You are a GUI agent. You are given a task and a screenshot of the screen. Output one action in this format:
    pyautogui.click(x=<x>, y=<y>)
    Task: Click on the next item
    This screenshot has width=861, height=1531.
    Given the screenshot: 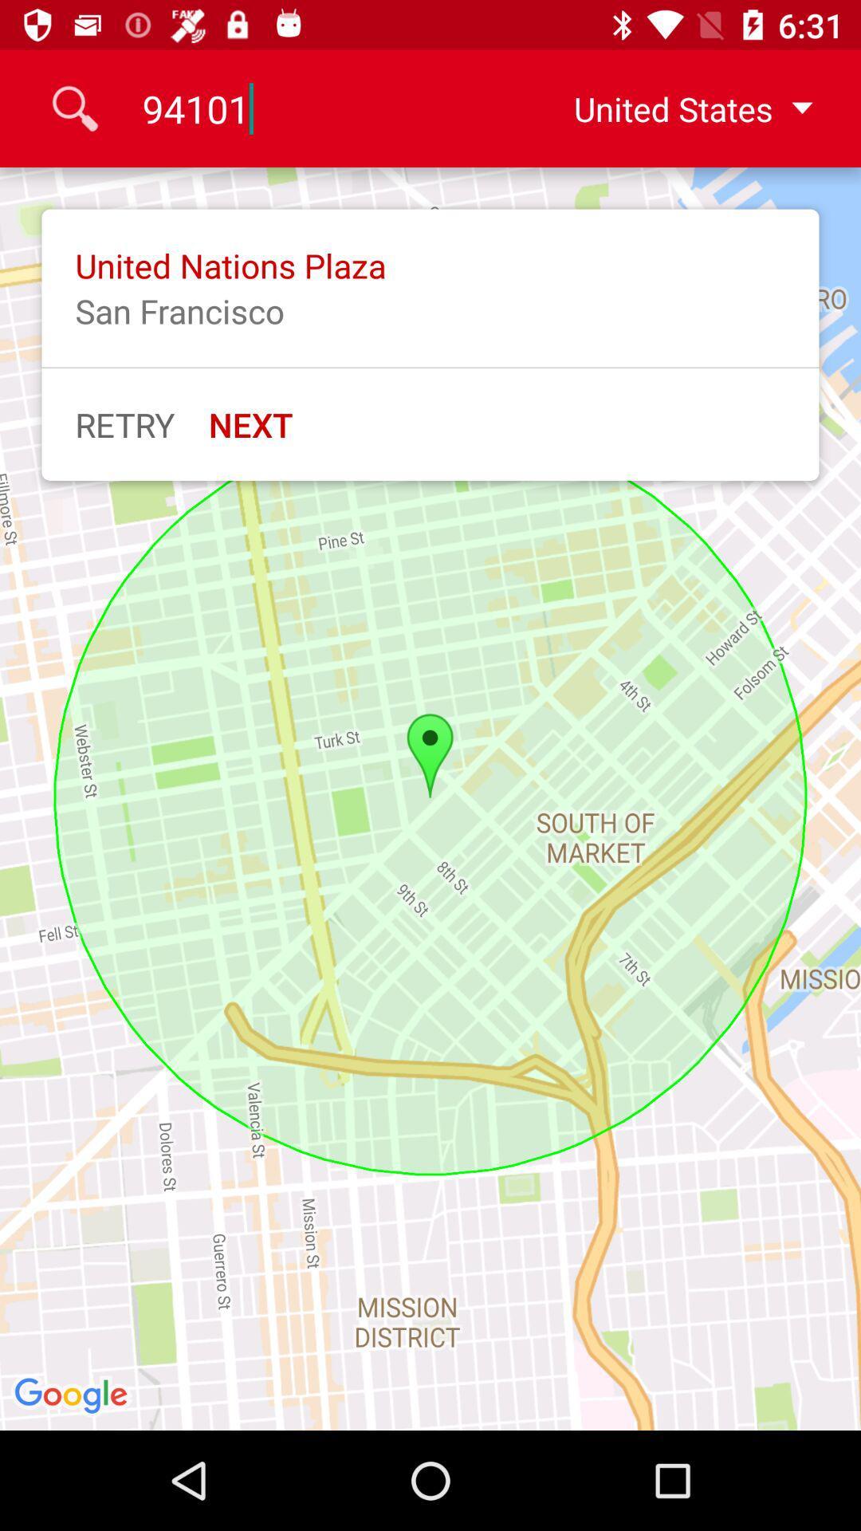 What is the action you would take?
    pyautogui.click(x=250, y=424)
    